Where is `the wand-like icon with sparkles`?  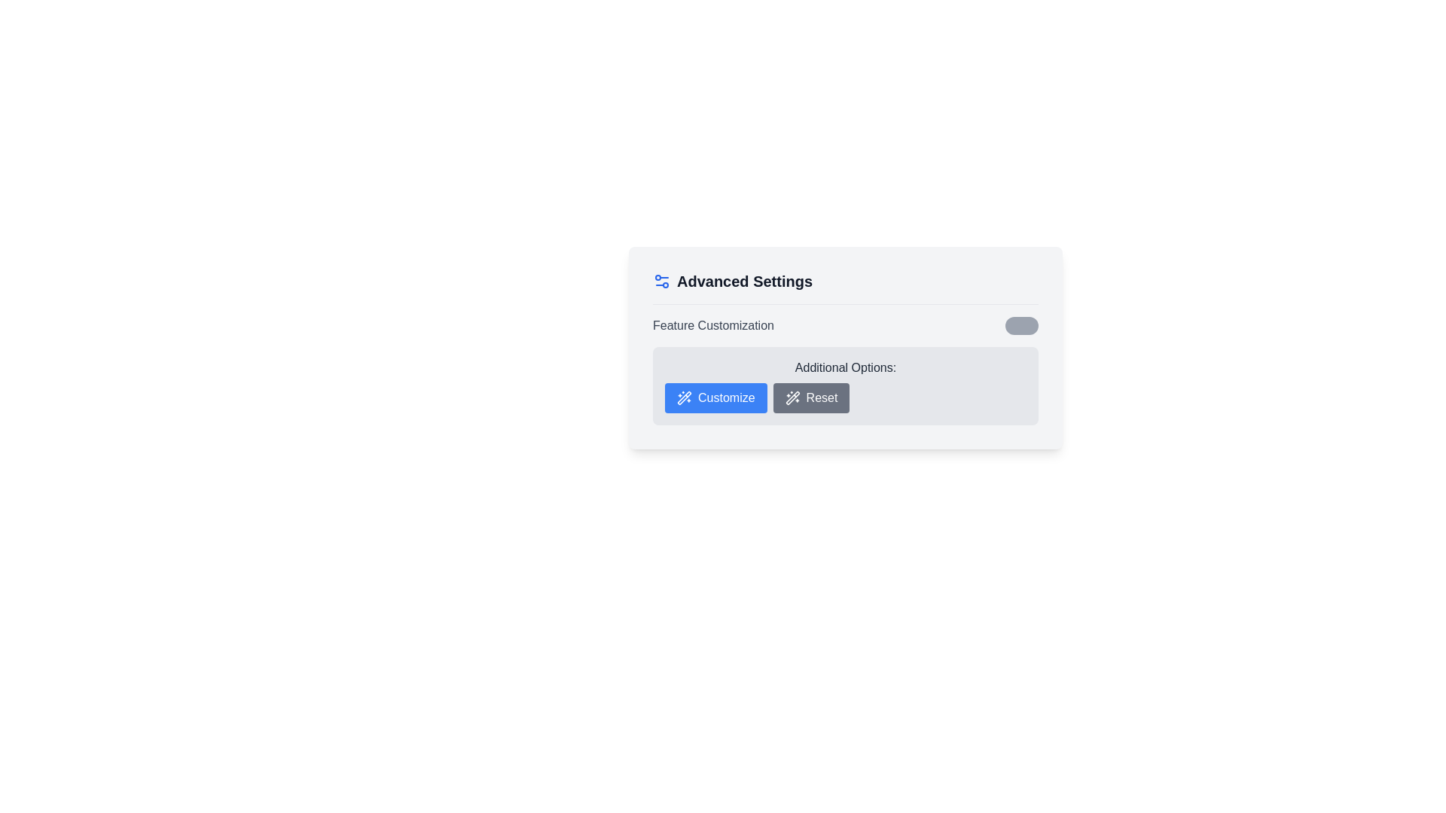 the wand-like icon with sparkles is located at coordinates (792, 397).